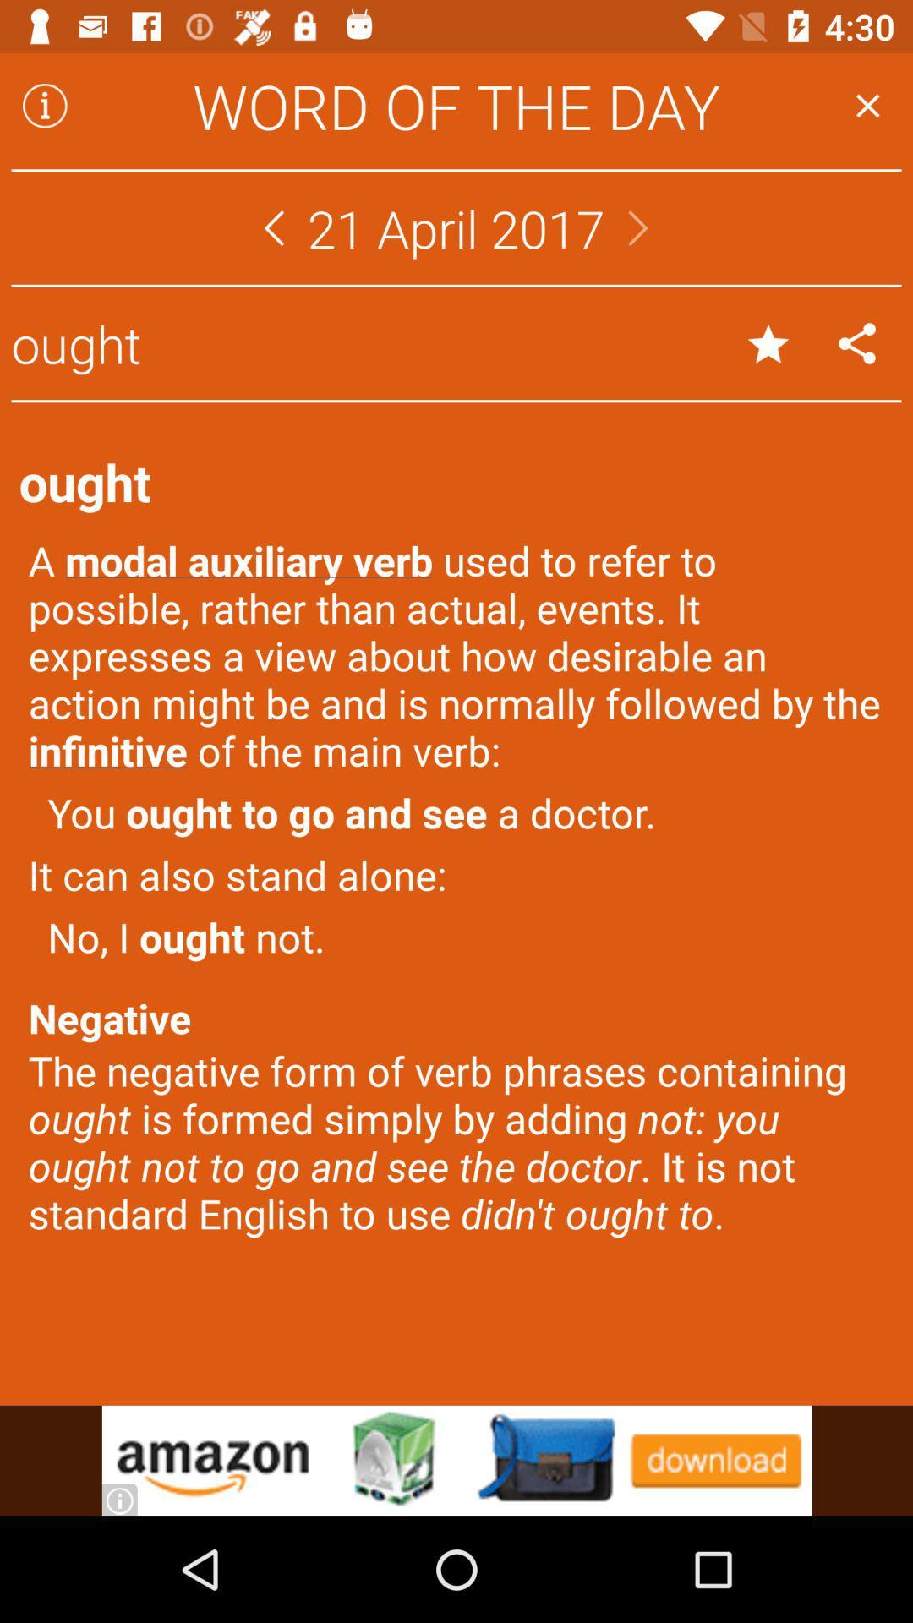  I want to click on next, so click(638, 227).